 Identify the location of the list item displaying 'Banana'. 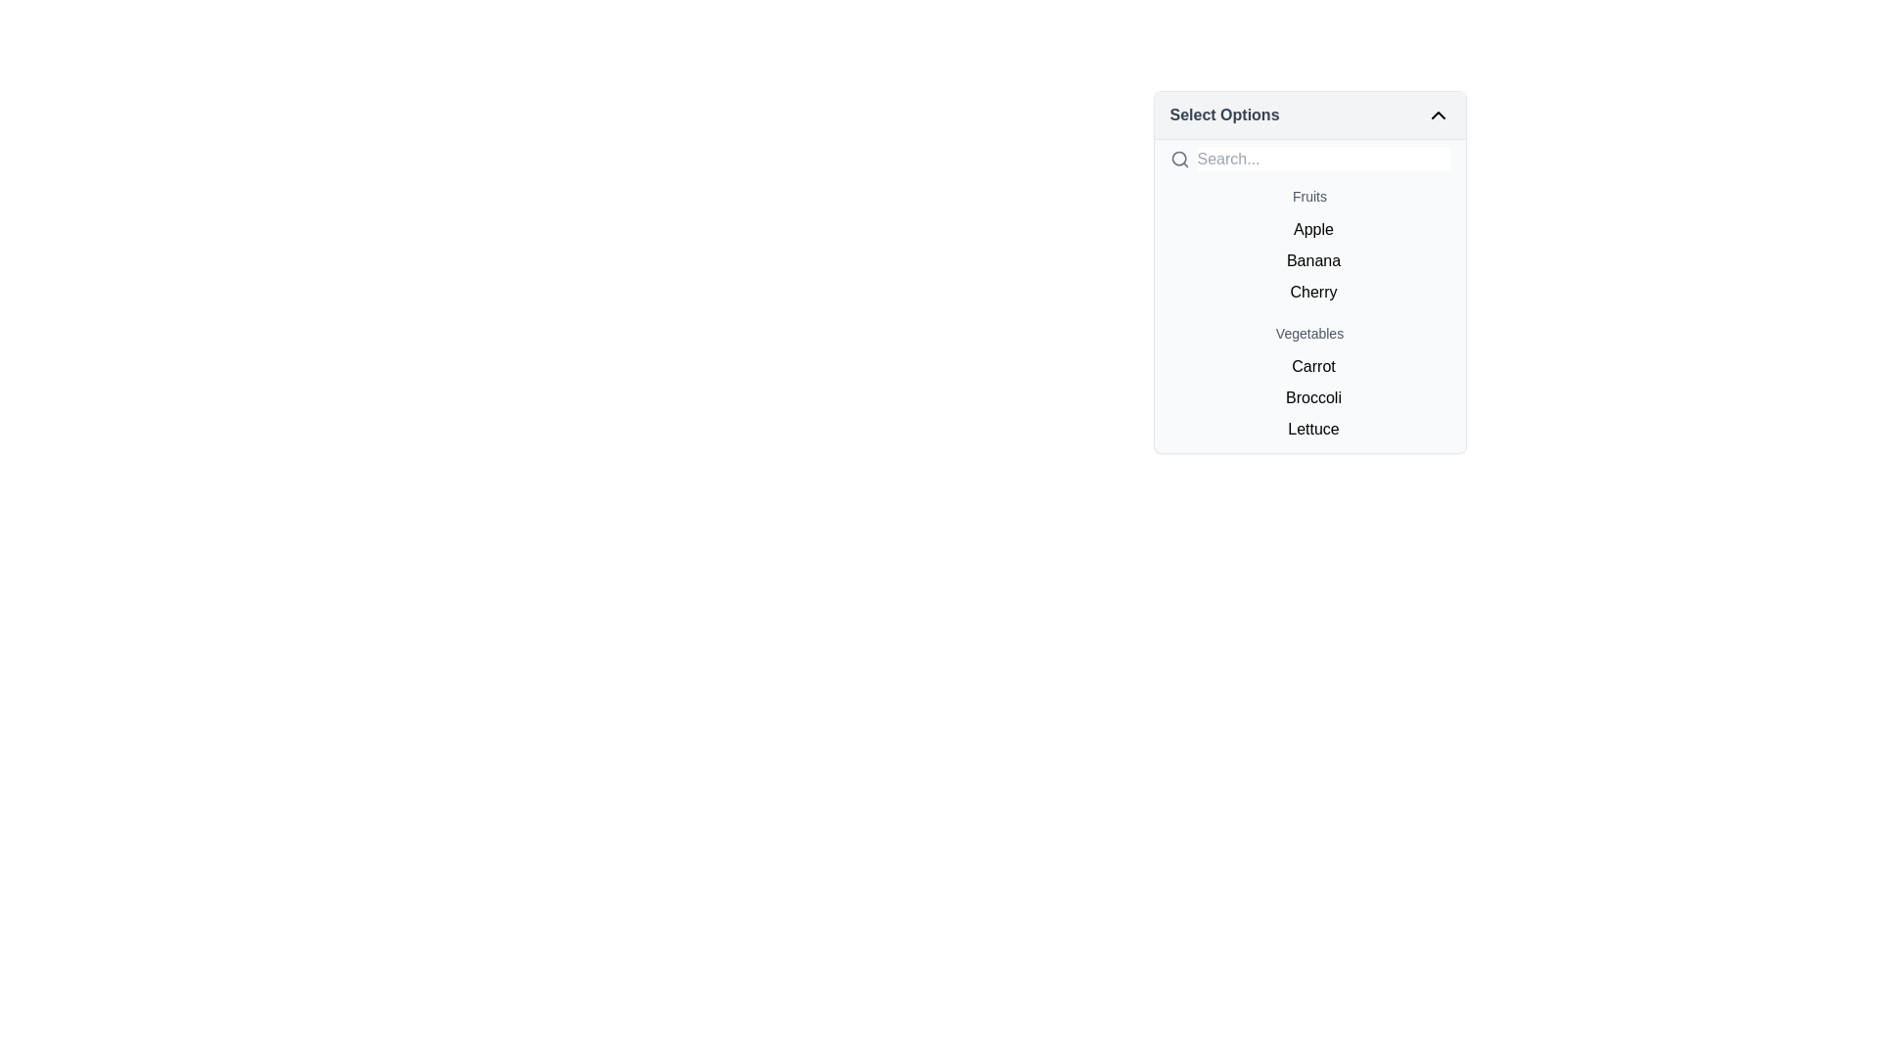
(1313, 259).